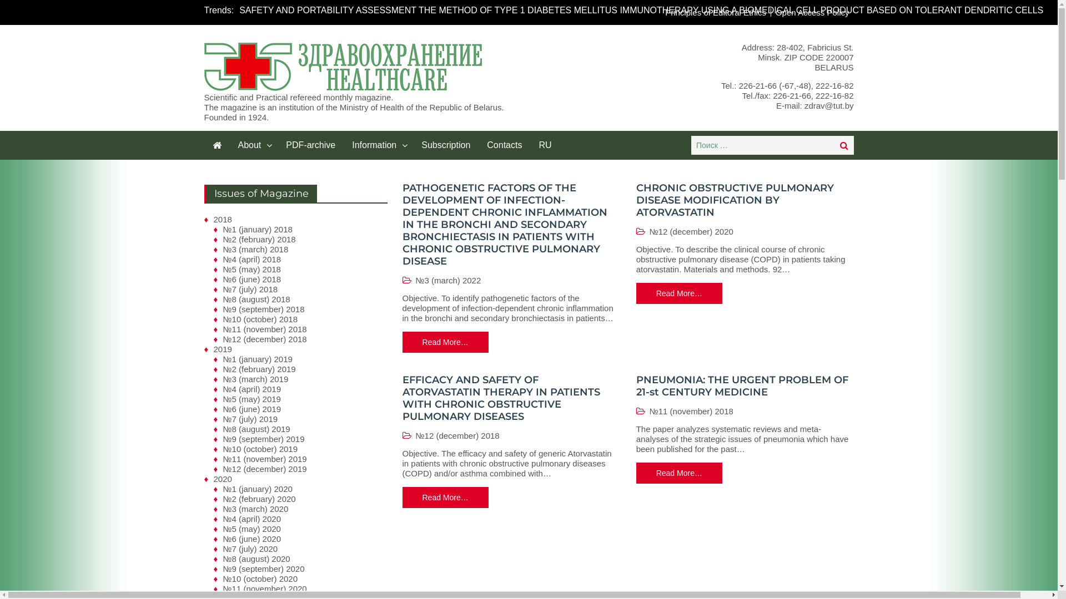  What do you see at coordinates (844, 145) in the screenshot?
I see `'Search'` at bounding box center [844, 145].